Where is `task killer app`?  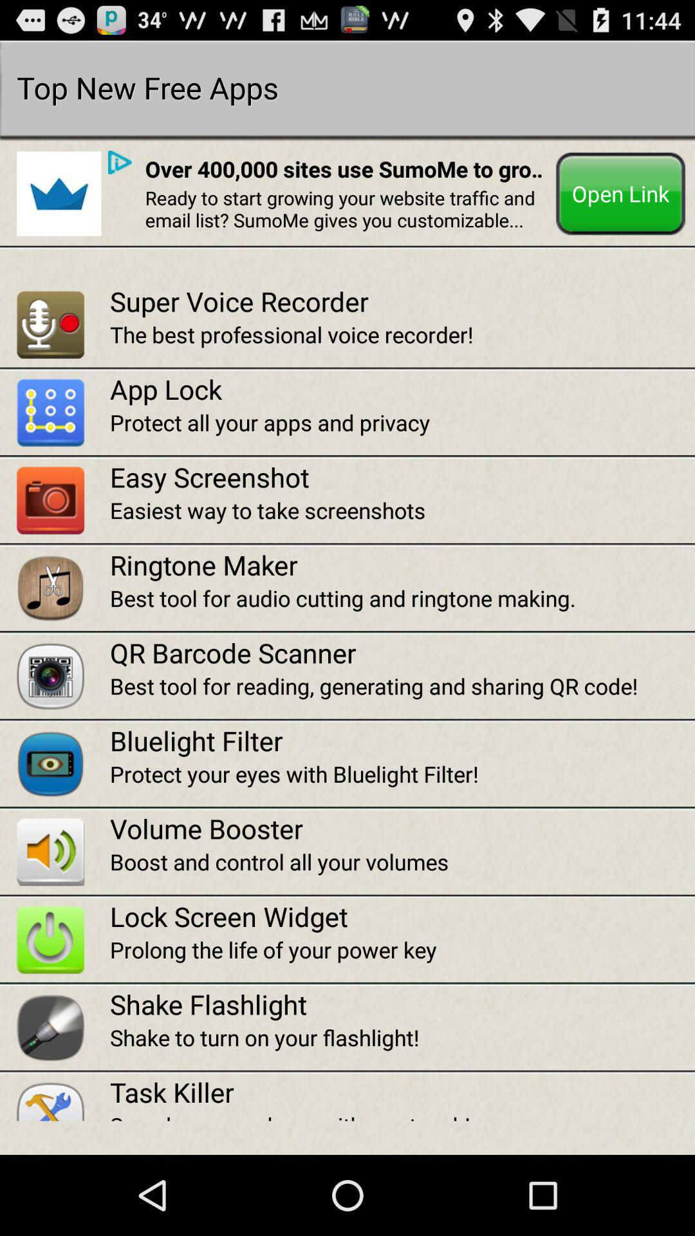
task killer app is located at coordinates (402, 1091).